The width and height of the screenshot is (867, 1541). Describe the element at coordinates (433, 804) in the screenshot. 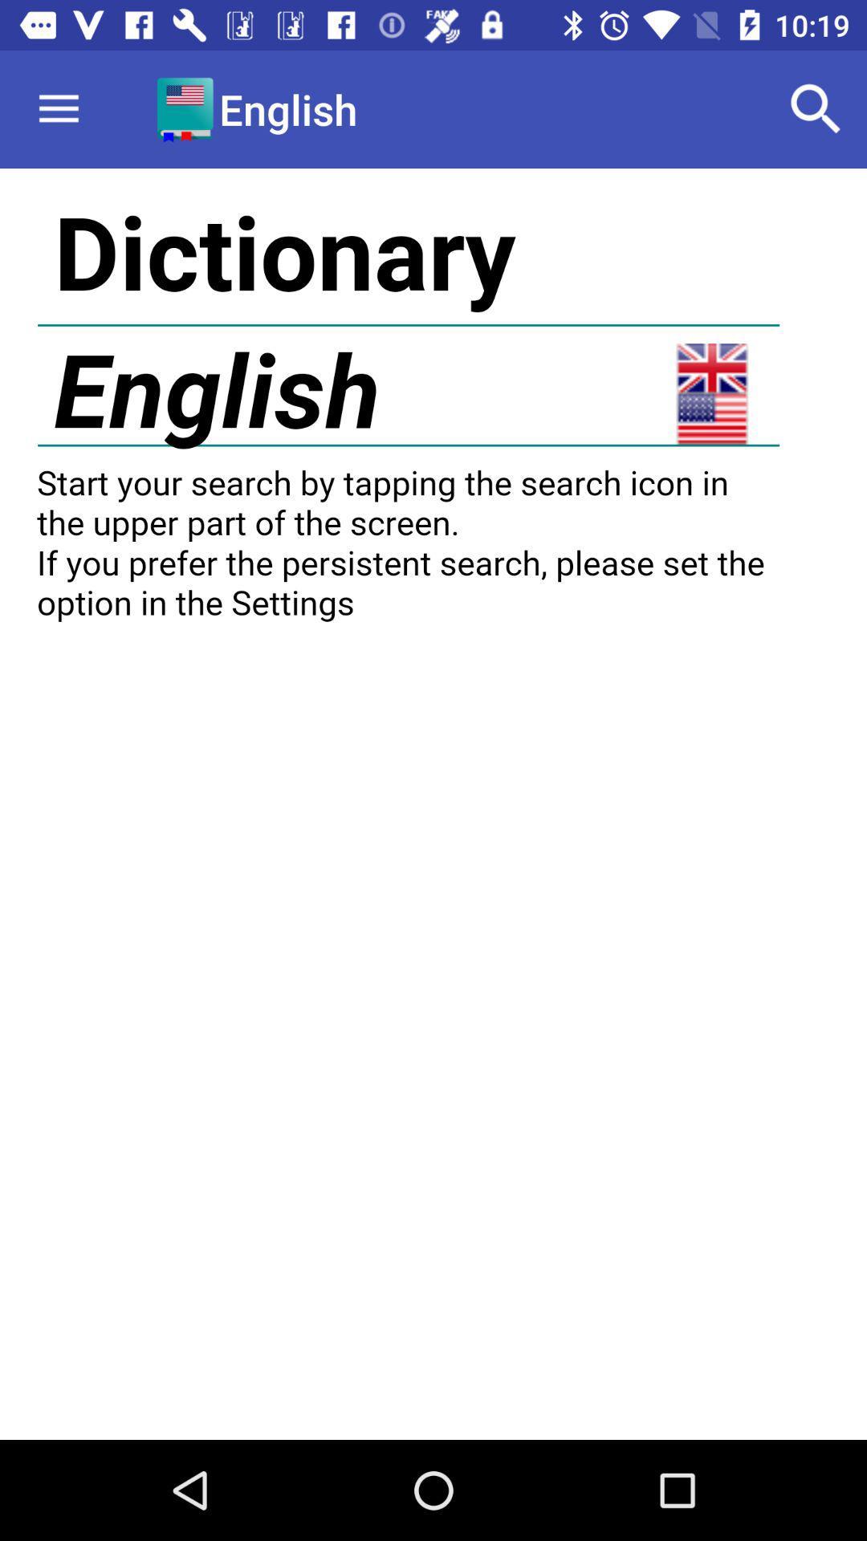

I see `instruction icon` at that location.